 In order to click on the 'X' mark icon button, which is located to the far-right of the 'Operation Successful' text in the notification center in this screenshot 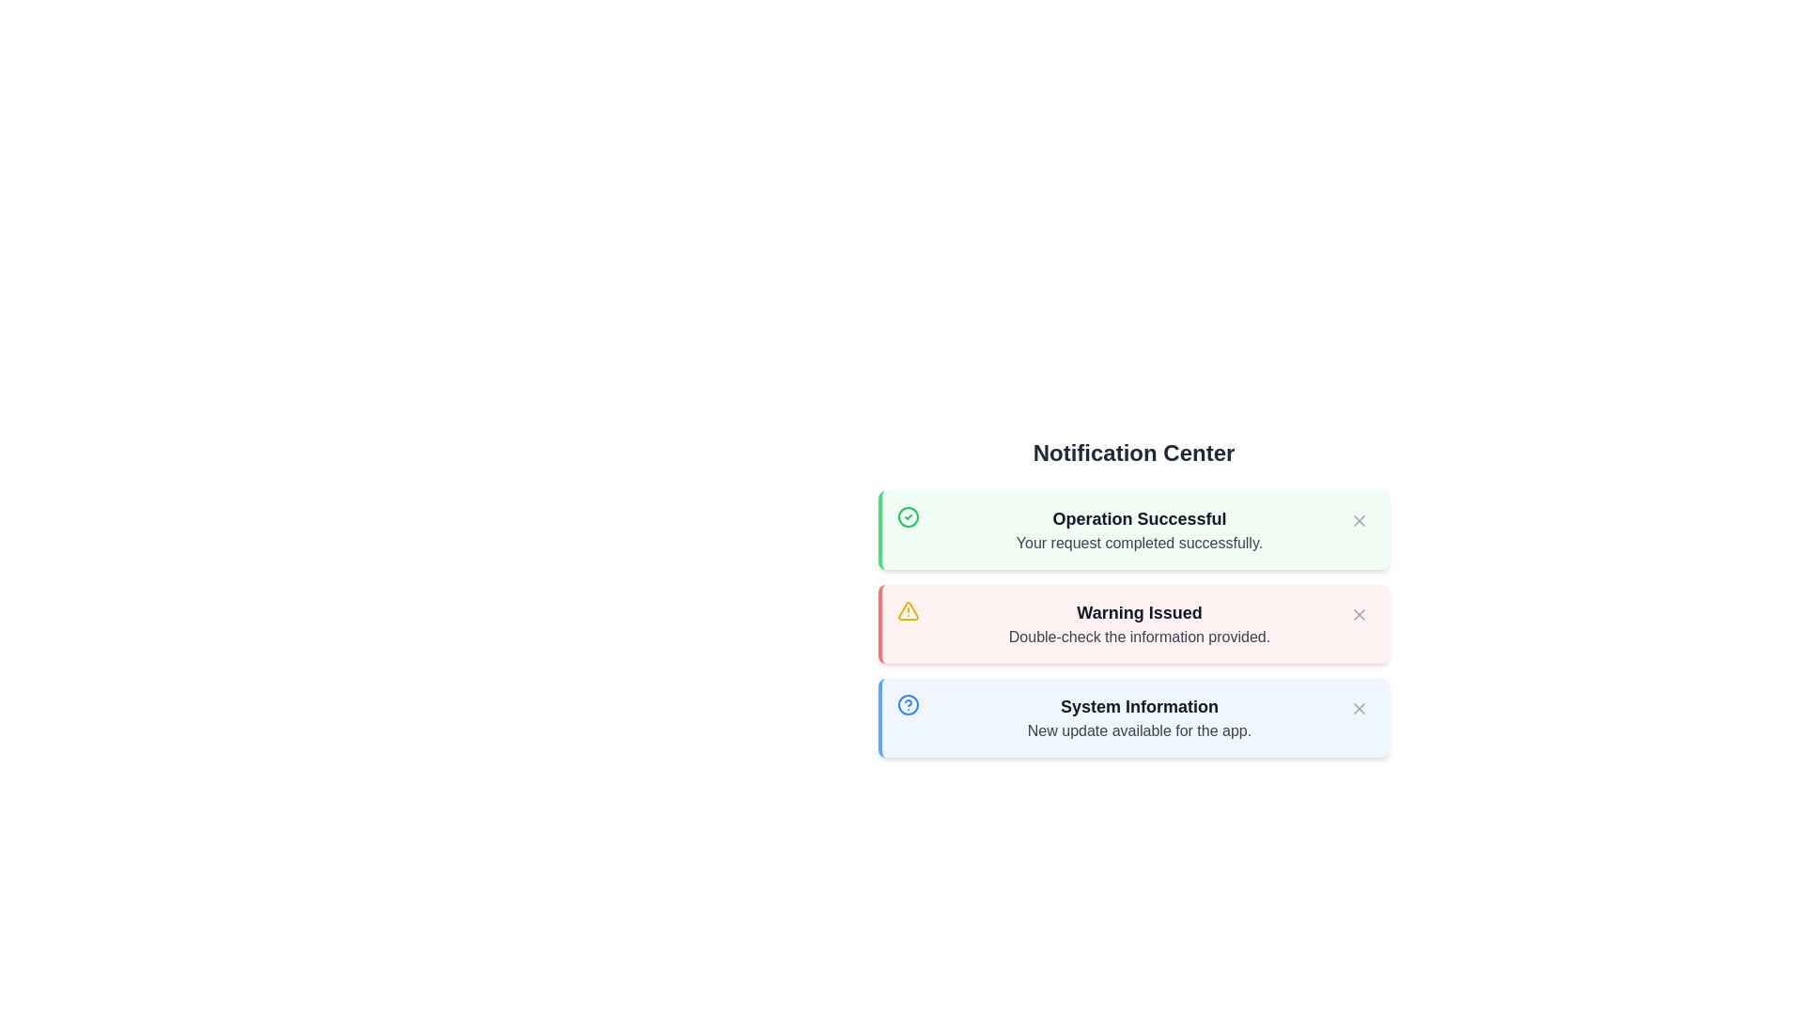, I will do `click(1359, 521)`.